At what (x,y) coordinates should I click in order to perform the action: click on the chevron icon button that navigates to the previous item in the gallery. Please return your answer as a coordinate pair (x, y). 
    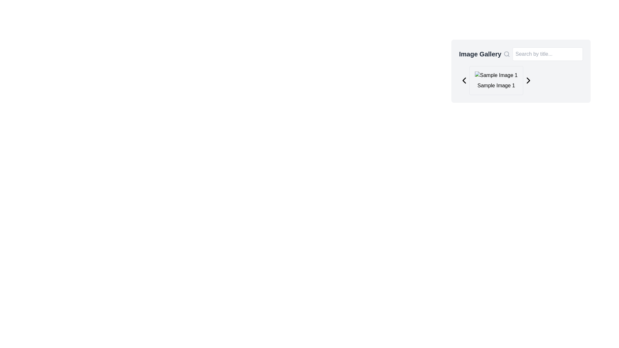
    Looking at the image, I should click on (464, 80).